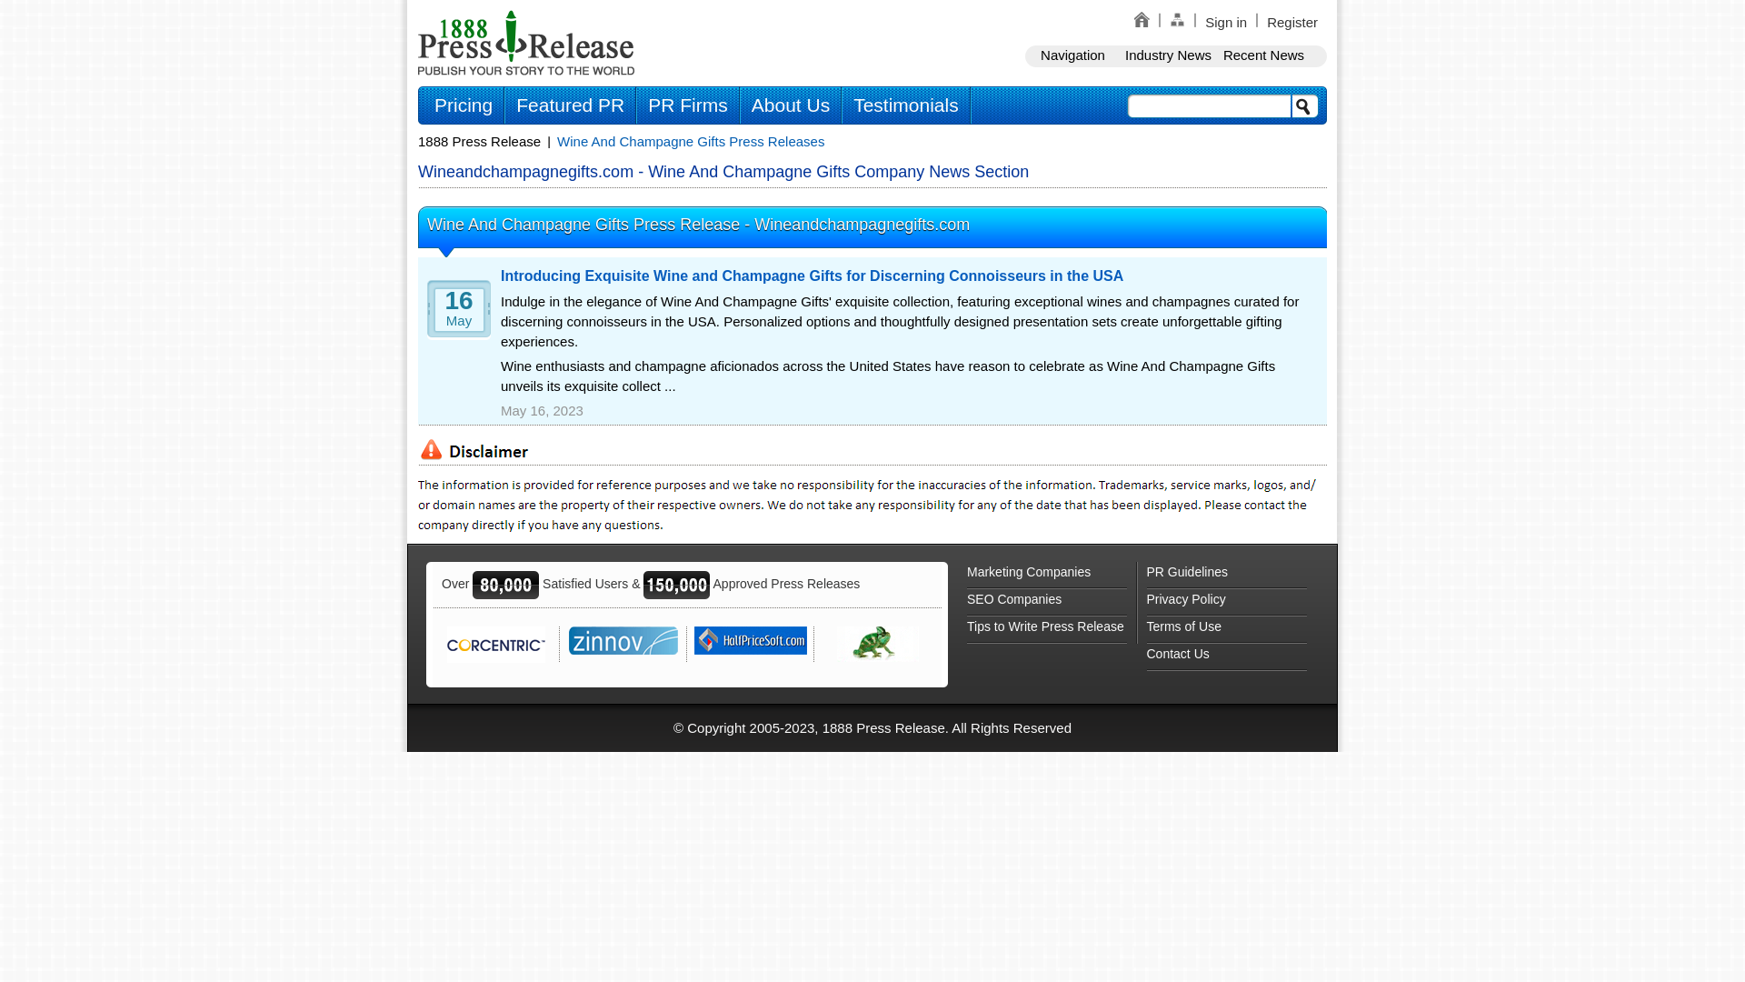  Describe the element at coordinates (1047, 575) in the screenshot. I see `'Marketing Companies'` at that location.